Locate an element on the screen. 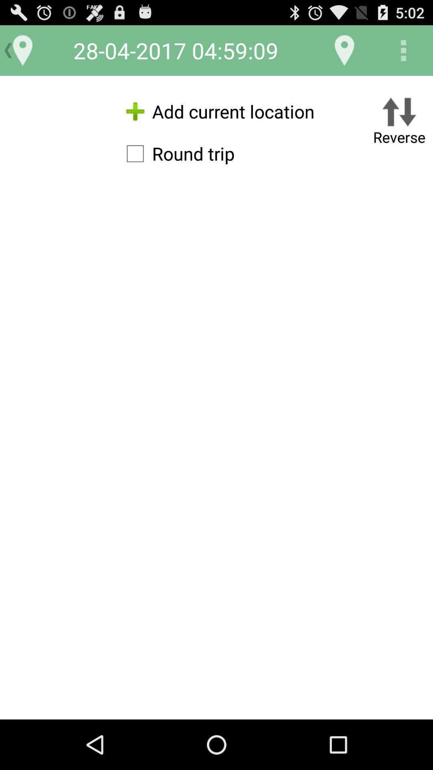 Image resolution: width=433 pixels, height=770 pixels. the item above the add current location is located at coordinates (344, 50).